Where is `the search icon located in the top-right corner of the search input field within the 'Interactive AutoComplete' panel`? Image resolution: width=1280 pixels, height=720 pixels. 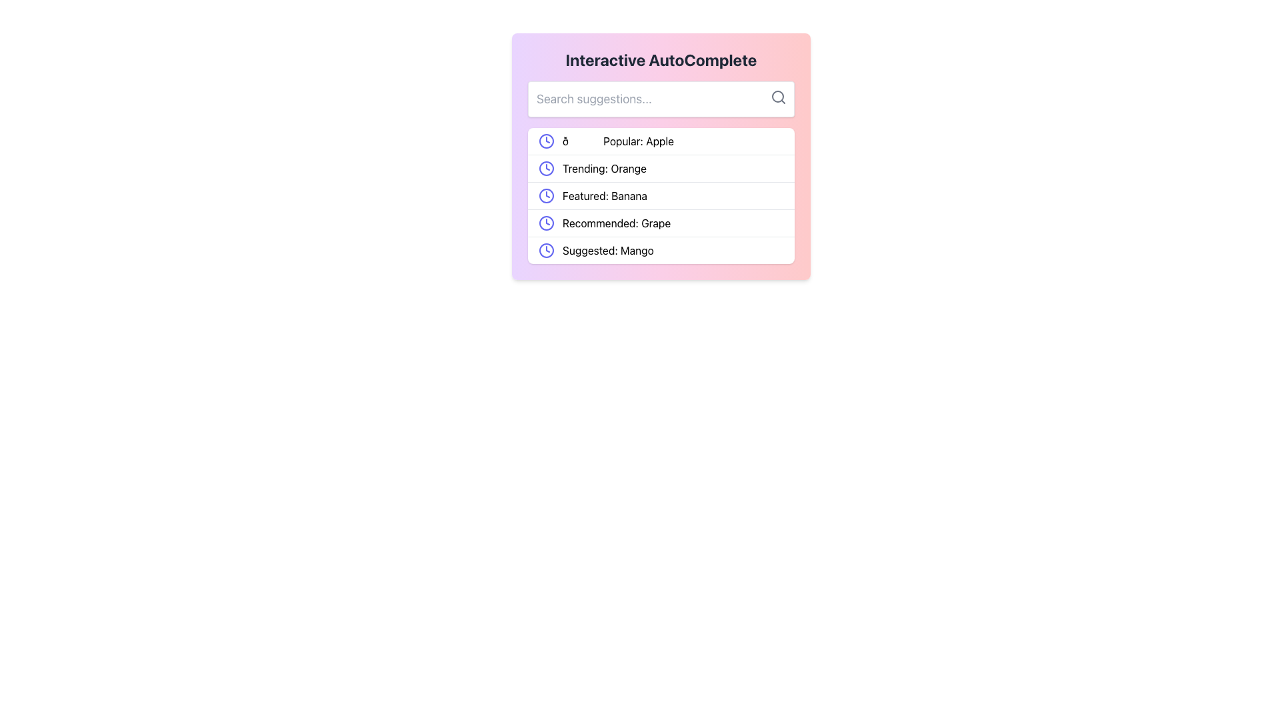 the search icon located in the top-right corner of the search input field within the 'Interactive AutoComplete' panel is located at coordinates (778, 97).